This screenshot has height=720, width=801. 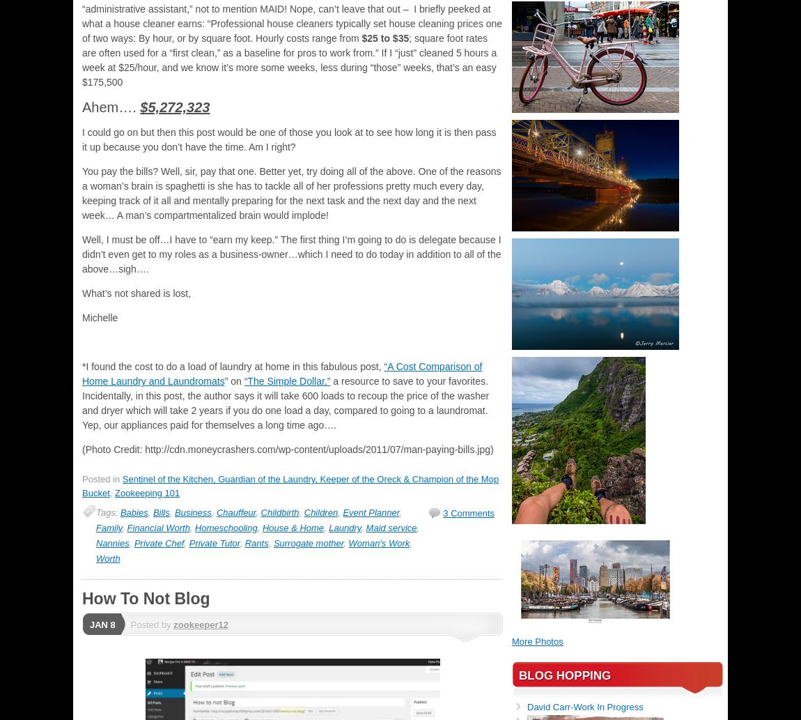 I want to click on 'Babies', so click(x=133, y=512).